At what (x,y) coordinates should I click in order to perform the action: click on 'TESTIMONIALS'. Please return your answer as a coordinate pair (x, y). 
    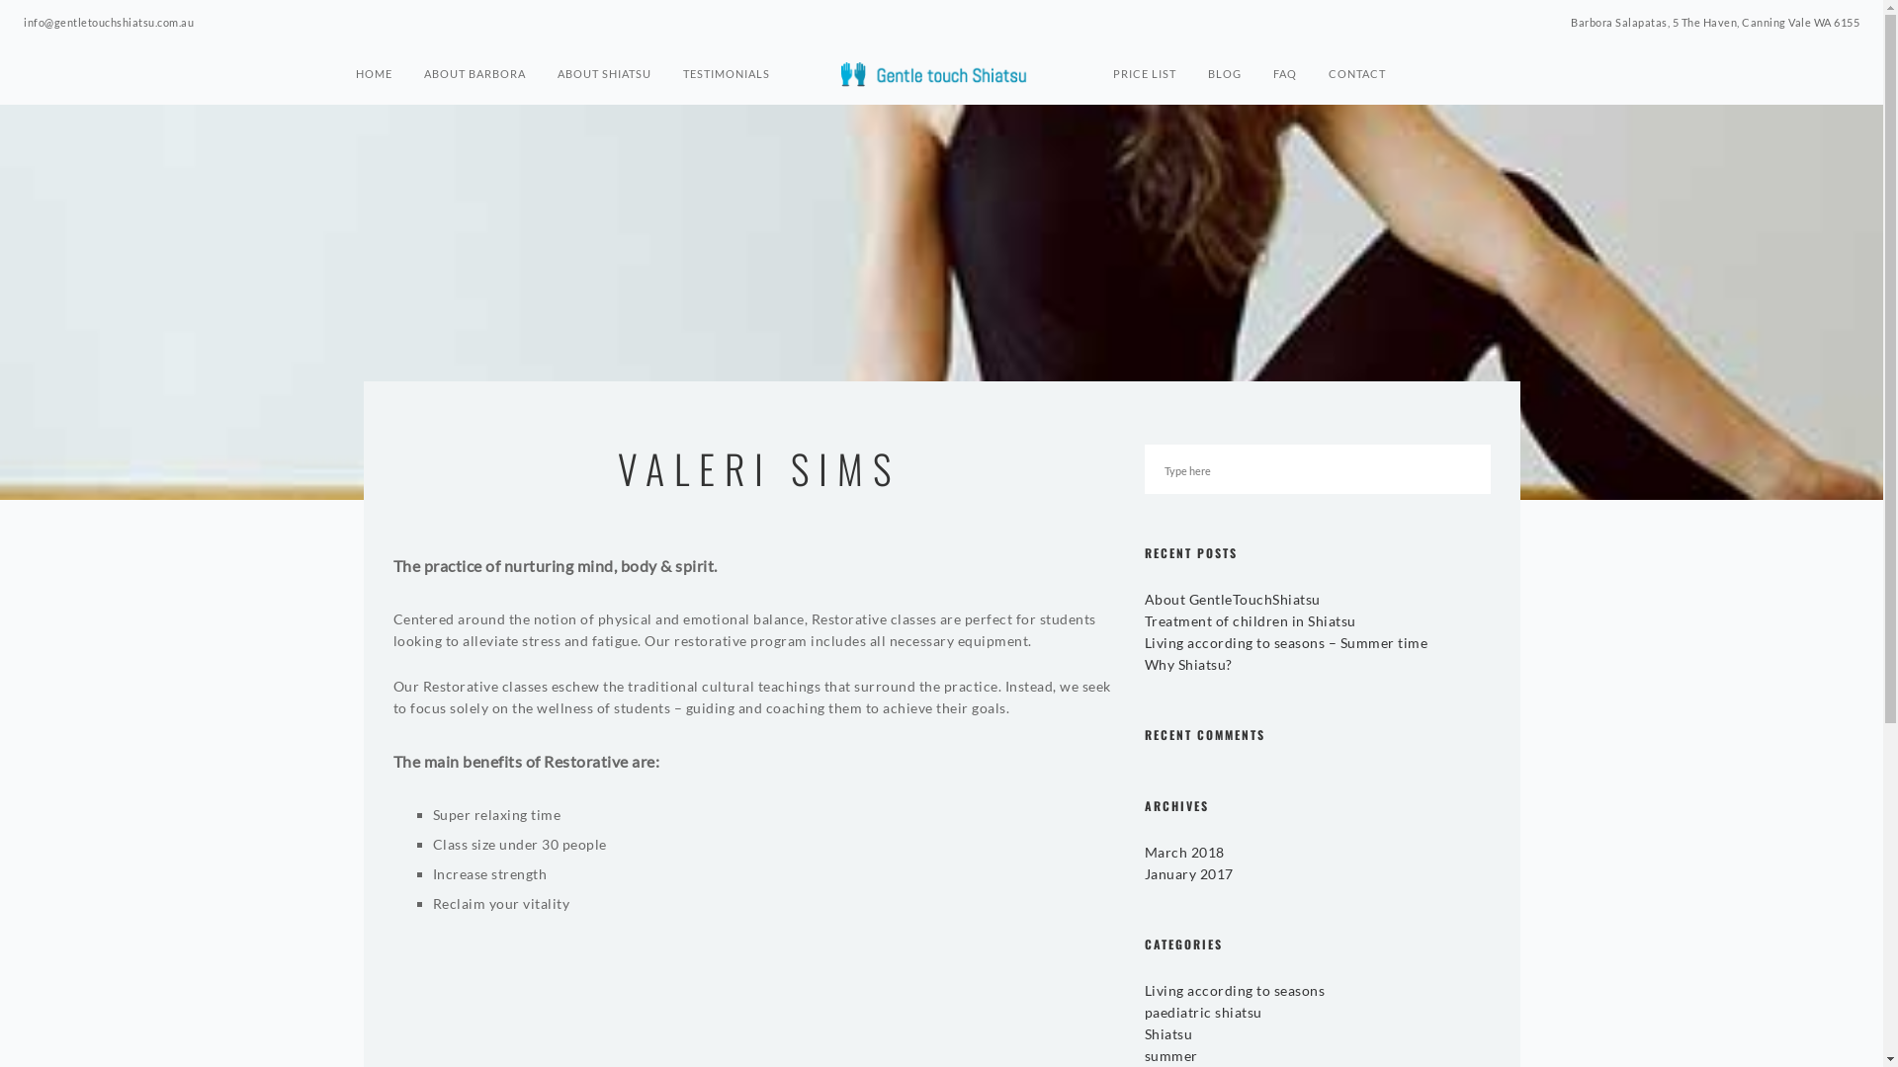
    Looking at the image, I should click on (725, 74).